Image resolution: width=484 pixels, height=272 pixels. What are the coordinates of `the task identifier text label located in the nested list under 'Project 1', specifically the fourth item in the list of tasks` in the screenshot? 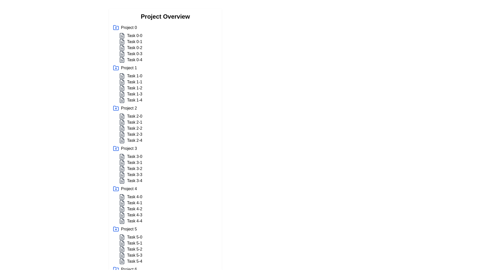 It's located at (134, 94).